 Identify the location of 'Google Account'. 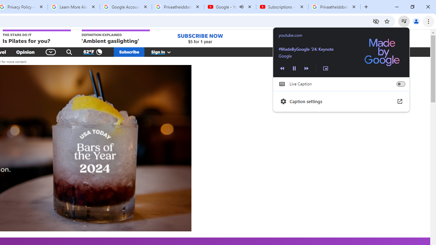
(126, 7).